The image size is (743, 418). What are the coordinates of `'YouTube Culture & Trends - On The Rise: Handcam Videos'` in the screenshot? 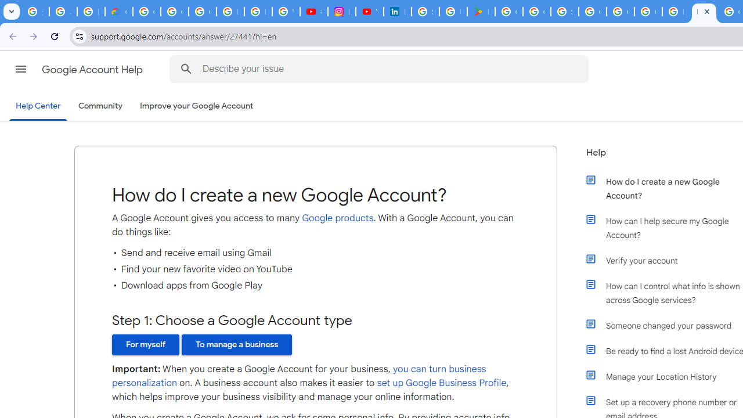 It's located at (369, 12).